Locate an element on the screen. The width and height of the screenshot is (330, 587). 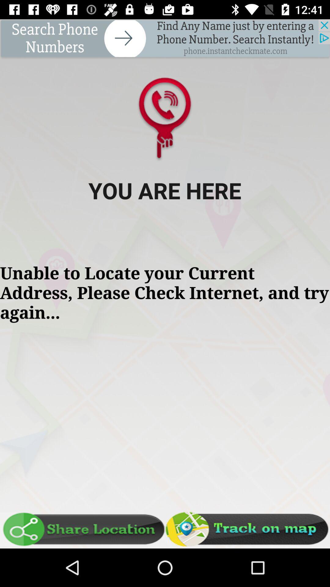
banner advertisement is located at coordinates (165, 39).